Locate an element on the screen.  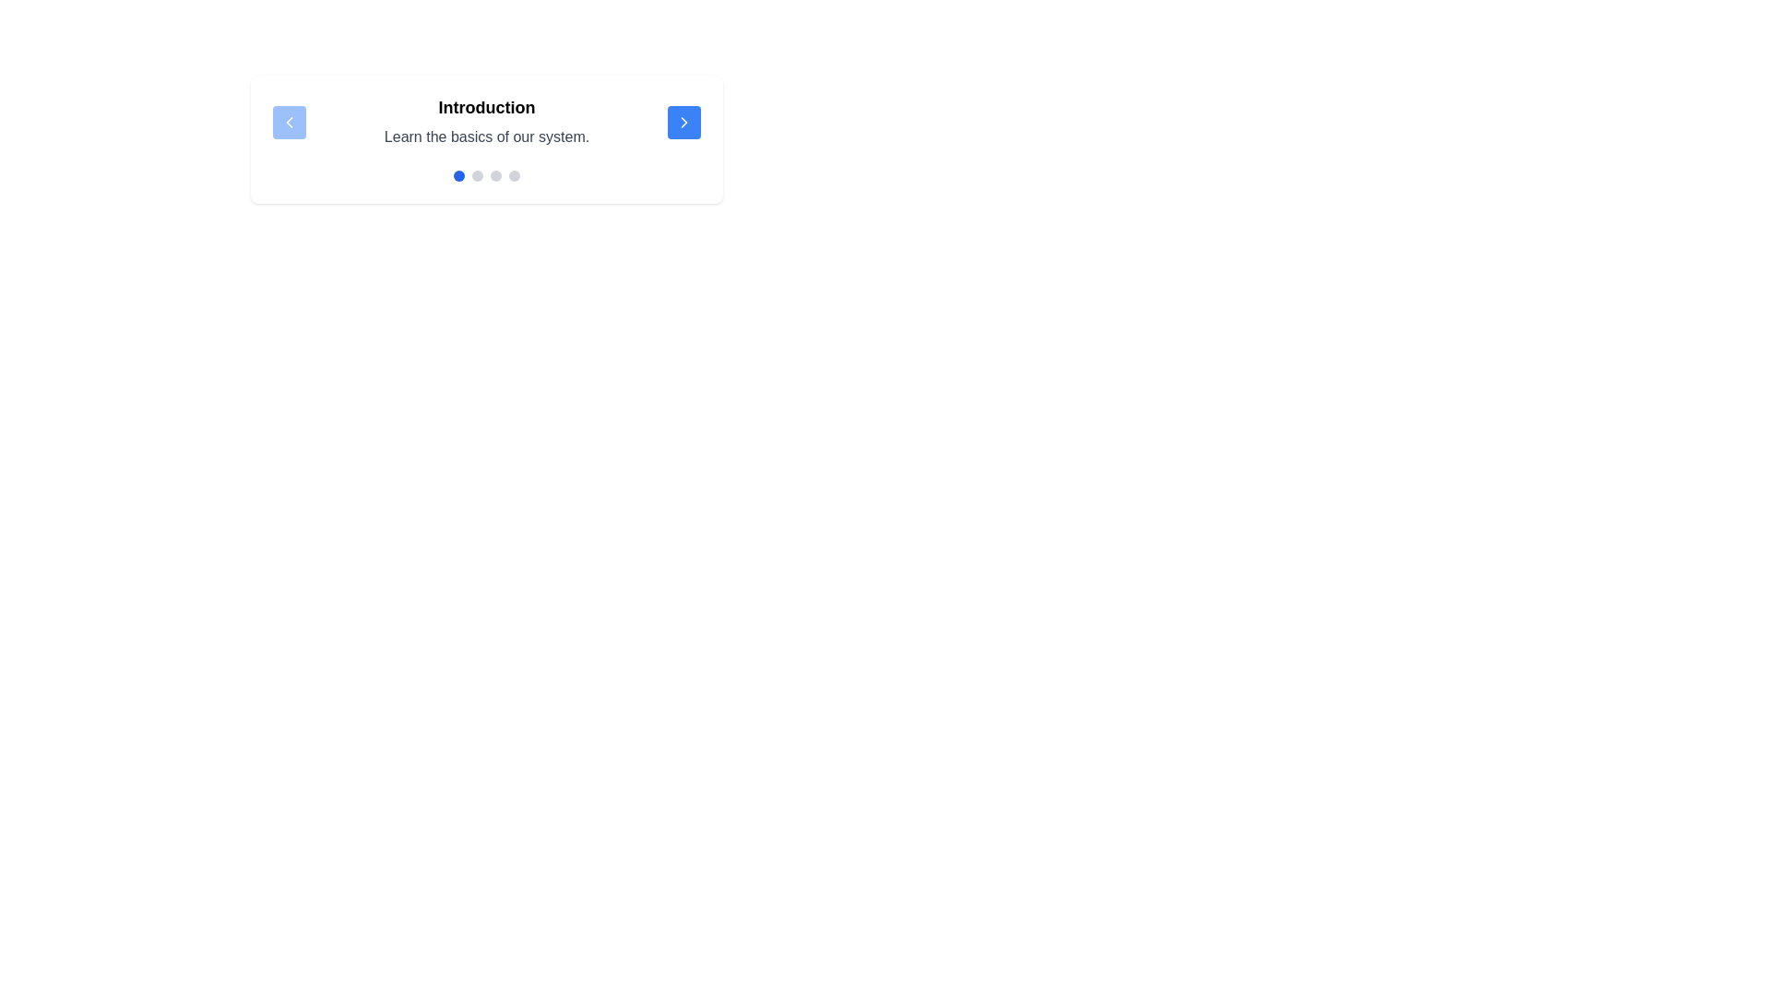
the fourth light gray circular indicator dot located centrally at the bottom of the carousel is located at coordinates (514, 175).